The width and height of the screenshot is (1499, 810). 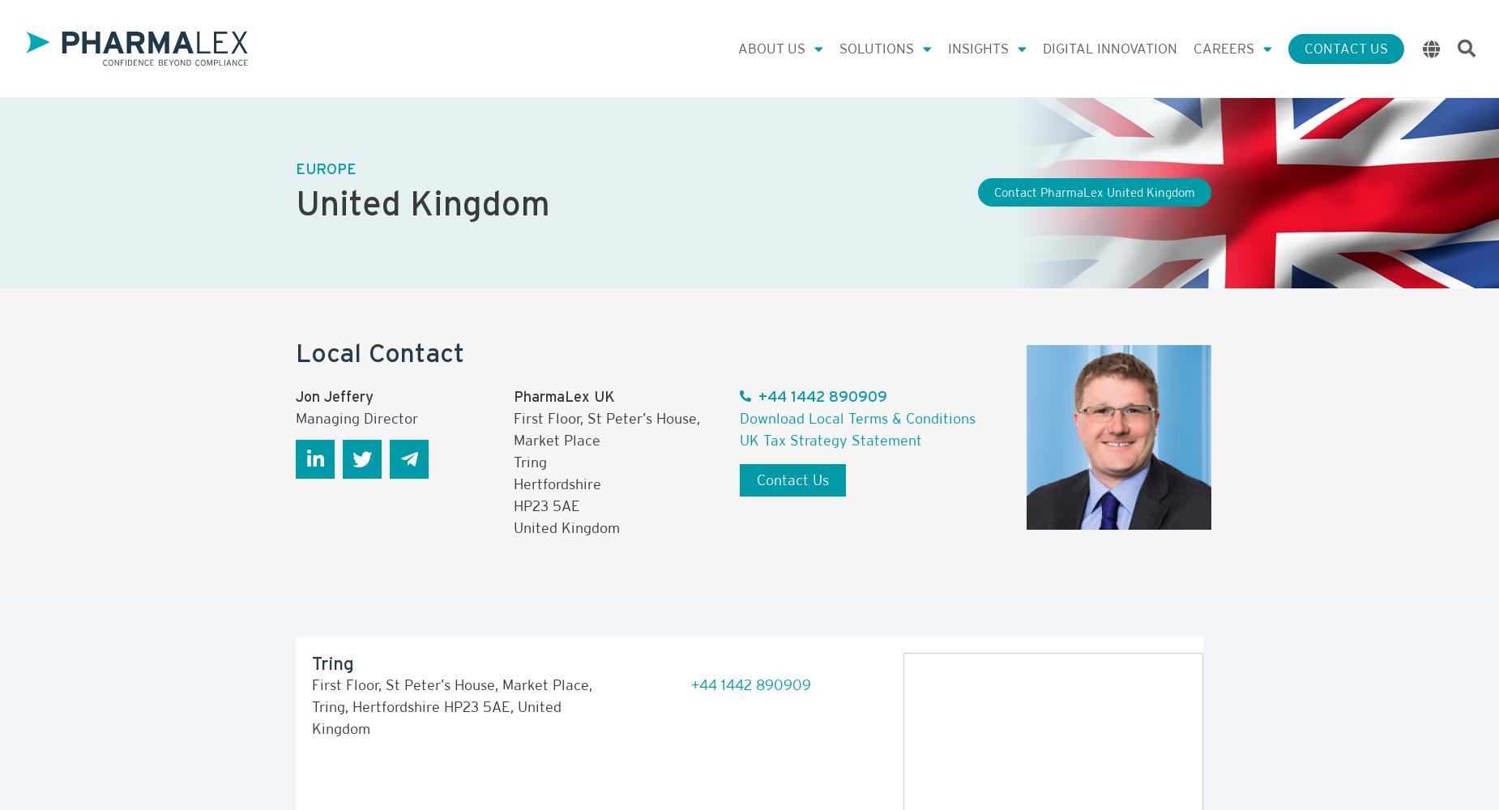 What do you see at coordinates (1094, 191) in the screenshot?
I see `'Contact PharmaLex United Kingdom'` at bounding box center [1094, 191].